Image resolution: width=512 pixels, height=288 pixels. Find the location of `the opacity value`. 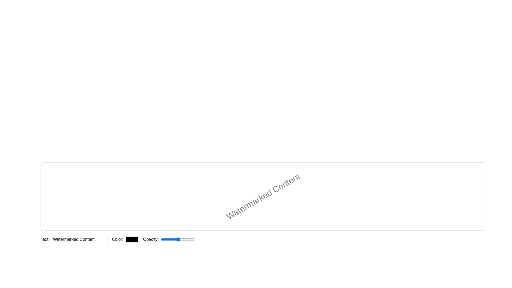

the opacity value is located at coordinates (175, 239).